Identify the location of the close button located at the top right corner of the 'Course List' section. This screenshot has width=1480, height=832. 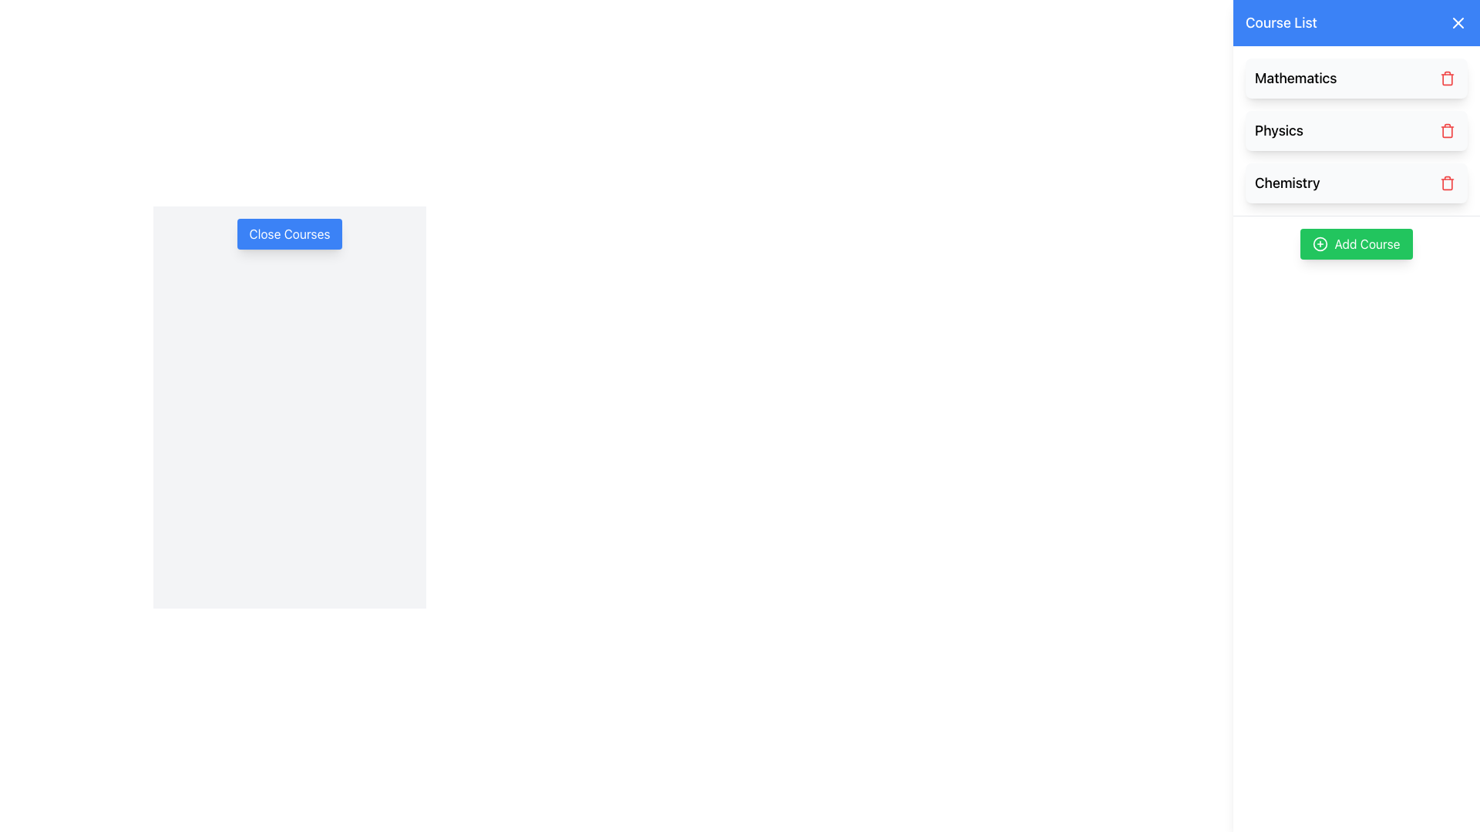
(1457, 23).